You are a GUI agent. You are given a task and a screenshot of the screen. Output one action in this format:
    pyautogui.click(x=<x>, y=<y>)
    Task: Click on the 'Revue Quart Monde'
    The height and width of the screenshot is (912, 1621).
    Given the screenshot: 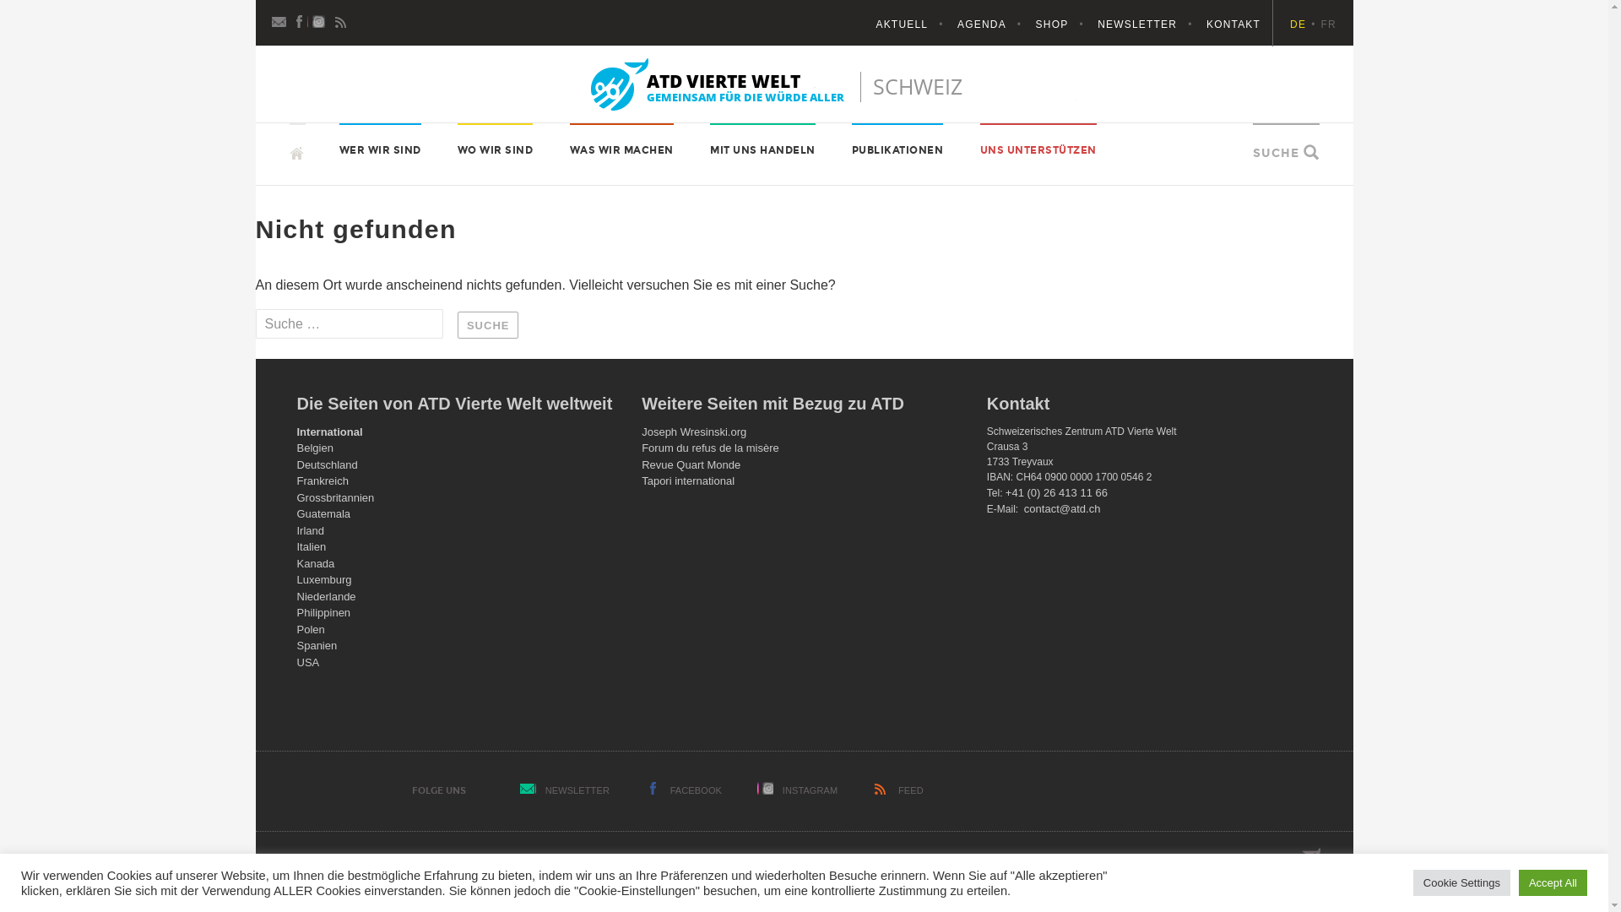 What is the action you would take?
    pyautogui.click(x=691, y=464)
    